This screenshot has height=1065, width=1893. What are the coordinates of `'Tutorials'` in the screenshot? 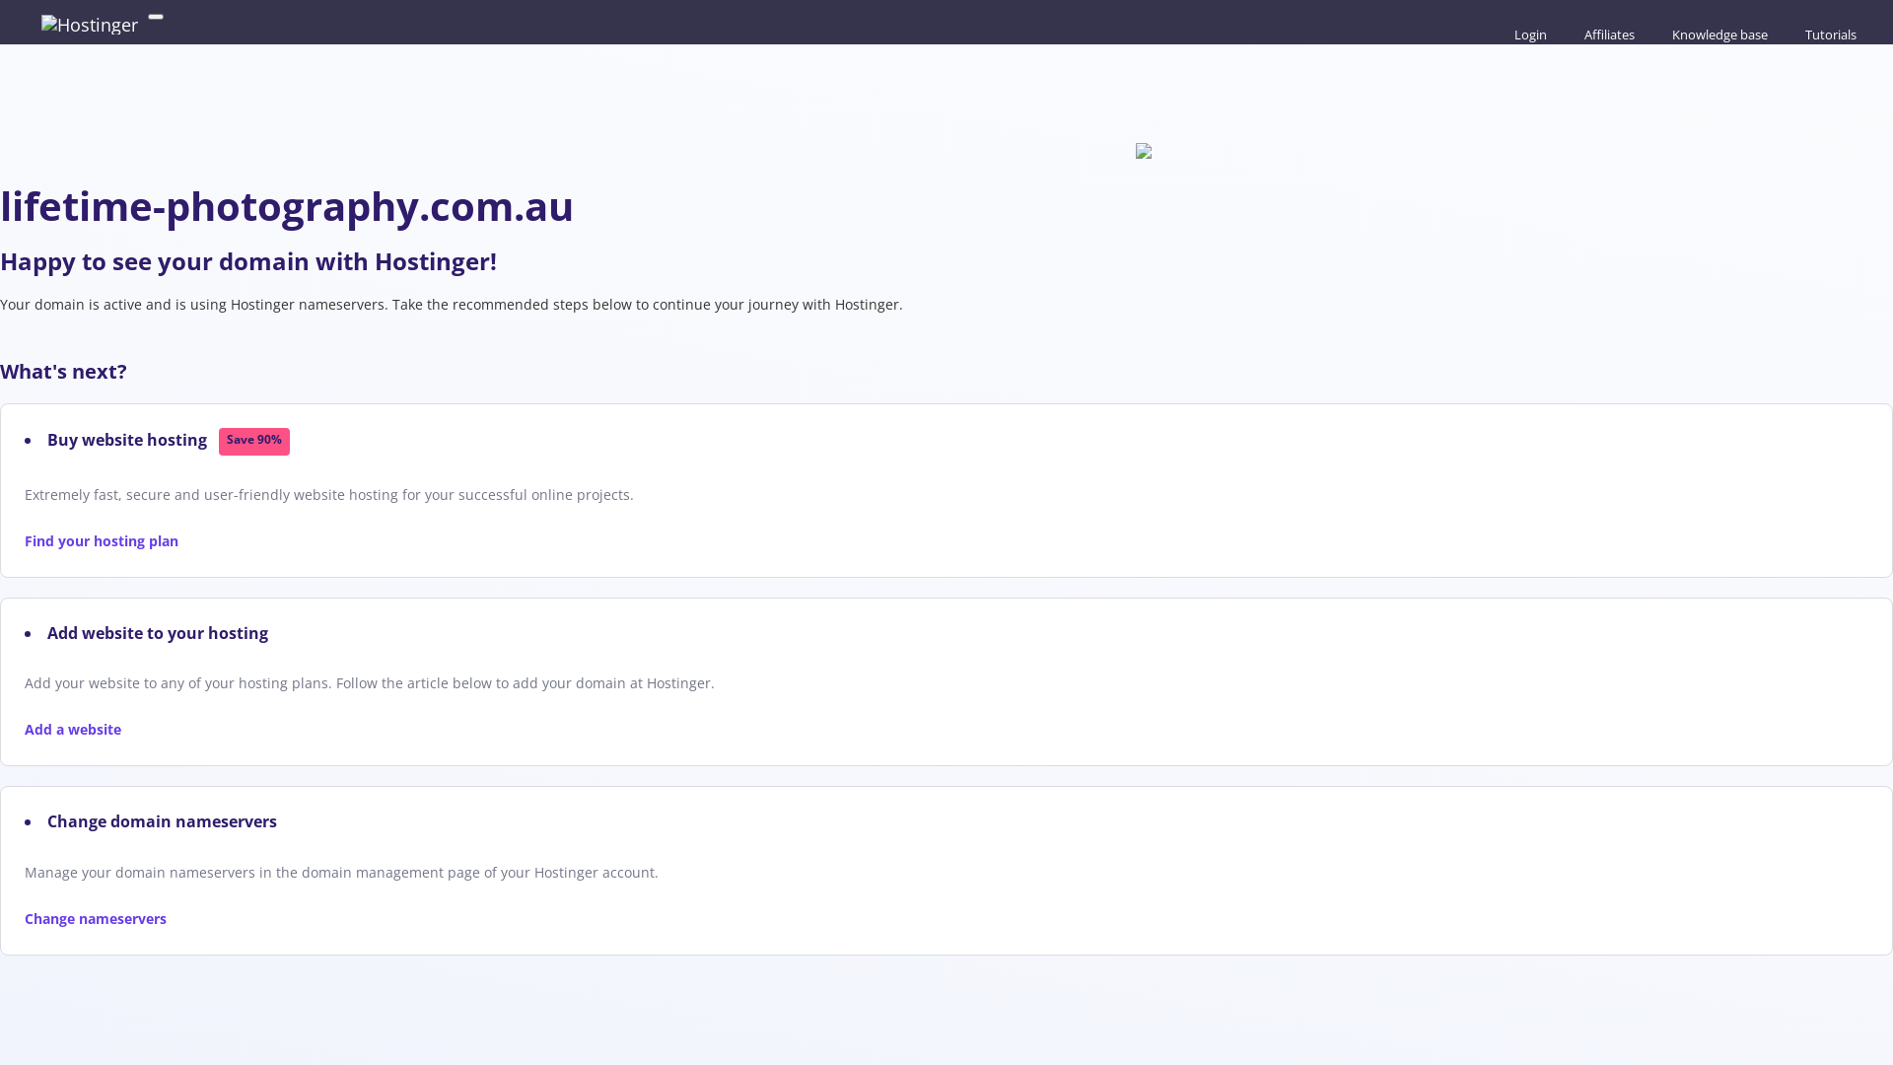 It's located at (1794, 34).